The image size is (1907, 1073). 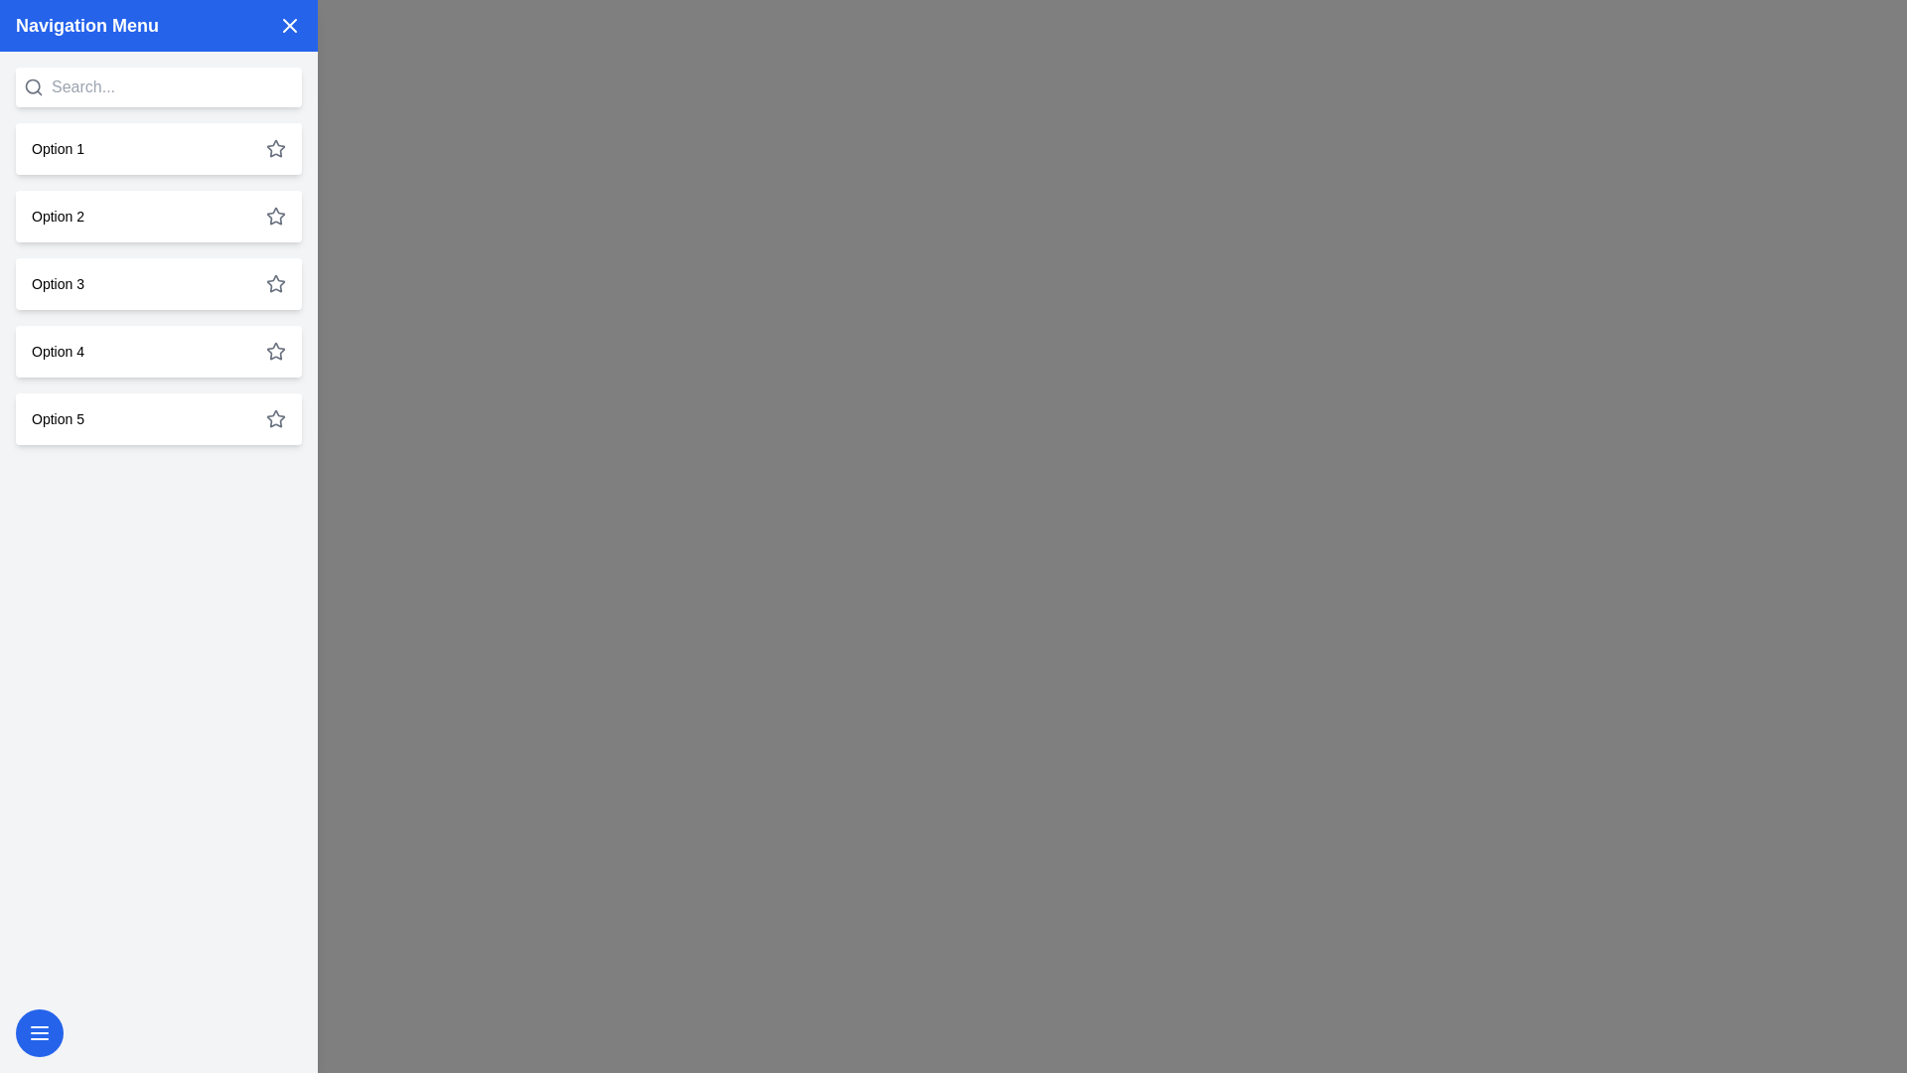 I want to click on the star icon with a gray outline located at the far right of the 'Option 2' card, so click(x=275, y=217).